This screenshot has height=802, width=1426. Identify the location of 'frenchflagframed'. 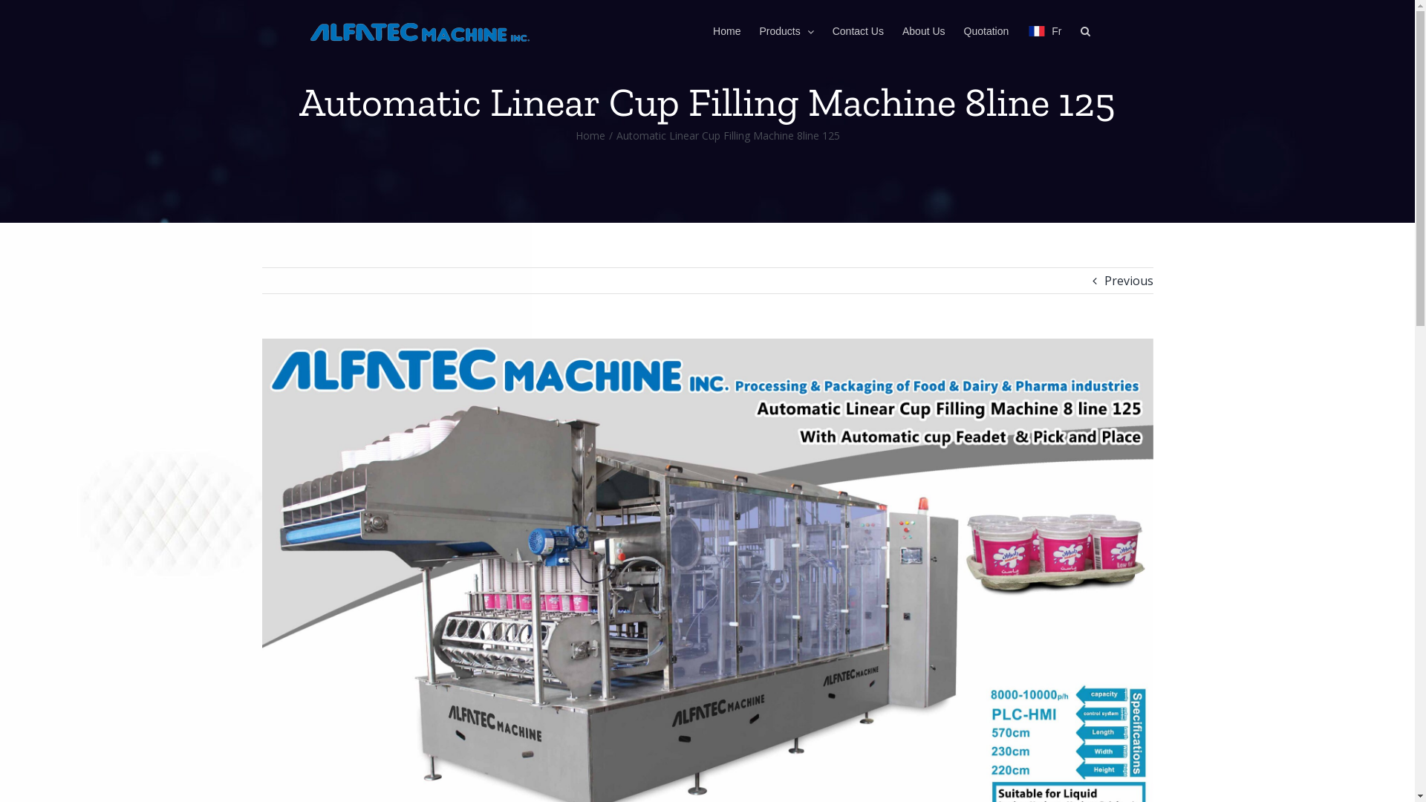
(1036, 31).